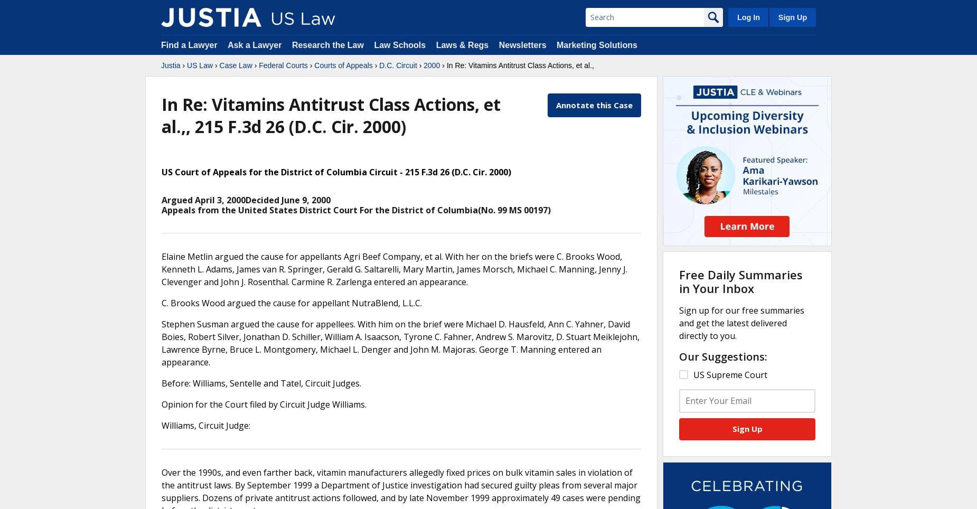  What do you see at coordinates (336, 172) in the screenshot?
I see `'US Court of Appeals for the District of Columbia Circuit
											- 215 F.3d 26 (D.C. Cir. 2000)'` at bounding box center [336, 172].